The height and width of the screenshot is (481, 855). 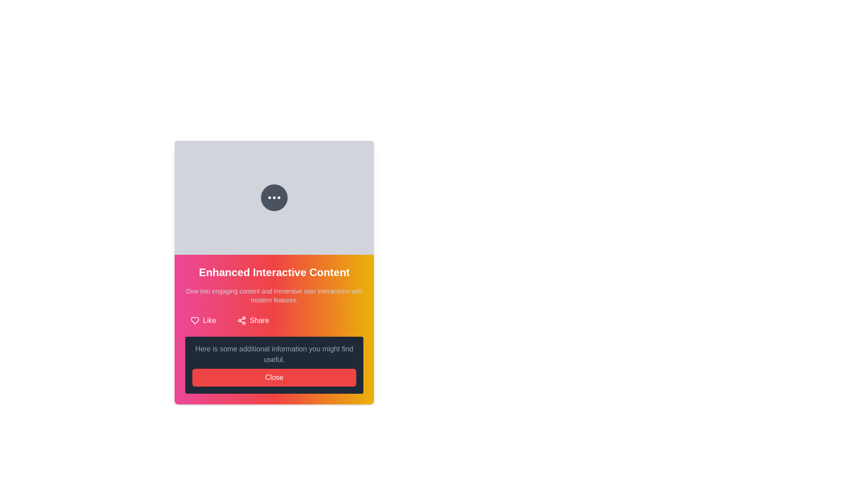 What do you see at coordinates (273, 197) in the screenshot?
I see `the ellipsis icon consisting of three evenly spaced circles` at bounding box center [273, 197].